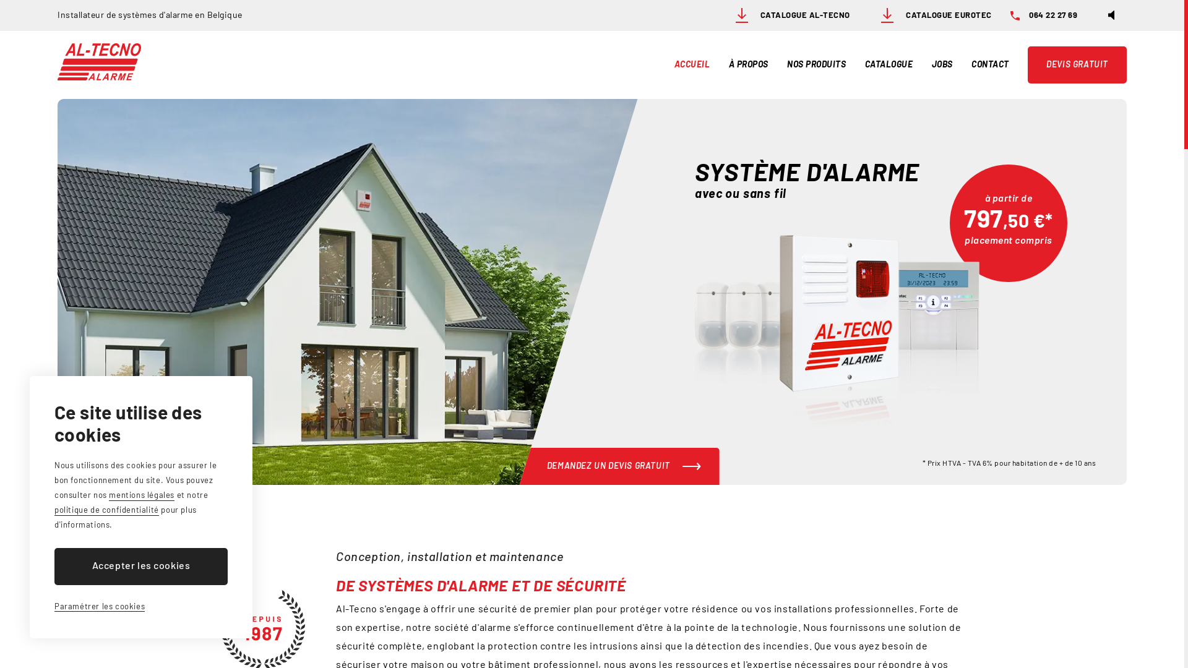 This screenshot has height=668, width=1188. Describe the element at coordinates (941, 64) in the screenshot. I see `'JOBS'` at that location.